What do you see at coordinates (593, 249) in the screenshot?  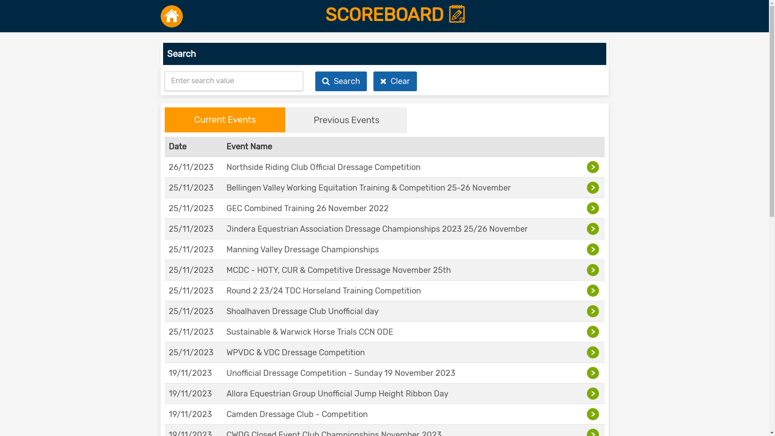 I see `'>'` at bounding box center [593, 249].